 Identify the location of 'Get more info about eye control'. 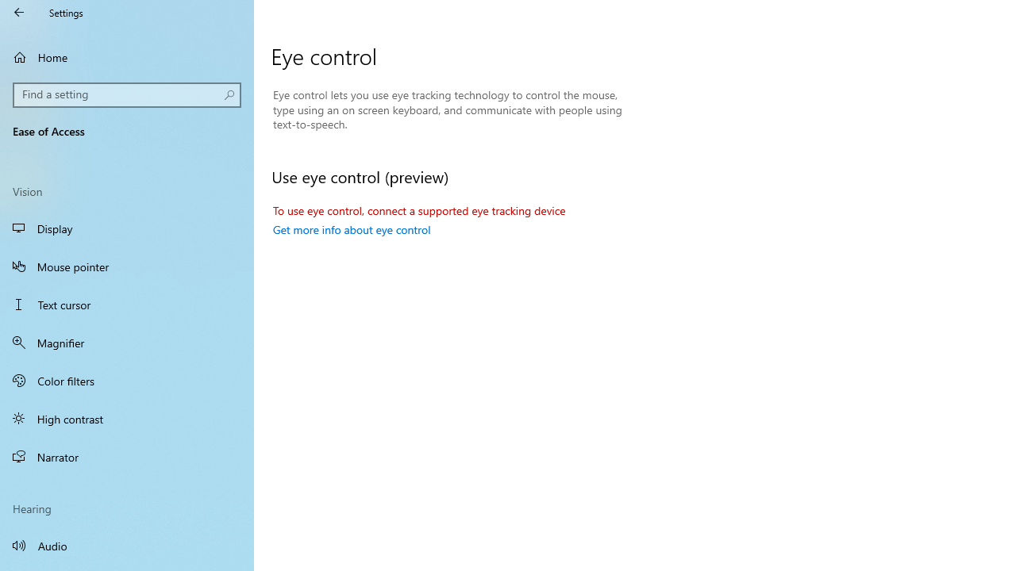
(351, 229).